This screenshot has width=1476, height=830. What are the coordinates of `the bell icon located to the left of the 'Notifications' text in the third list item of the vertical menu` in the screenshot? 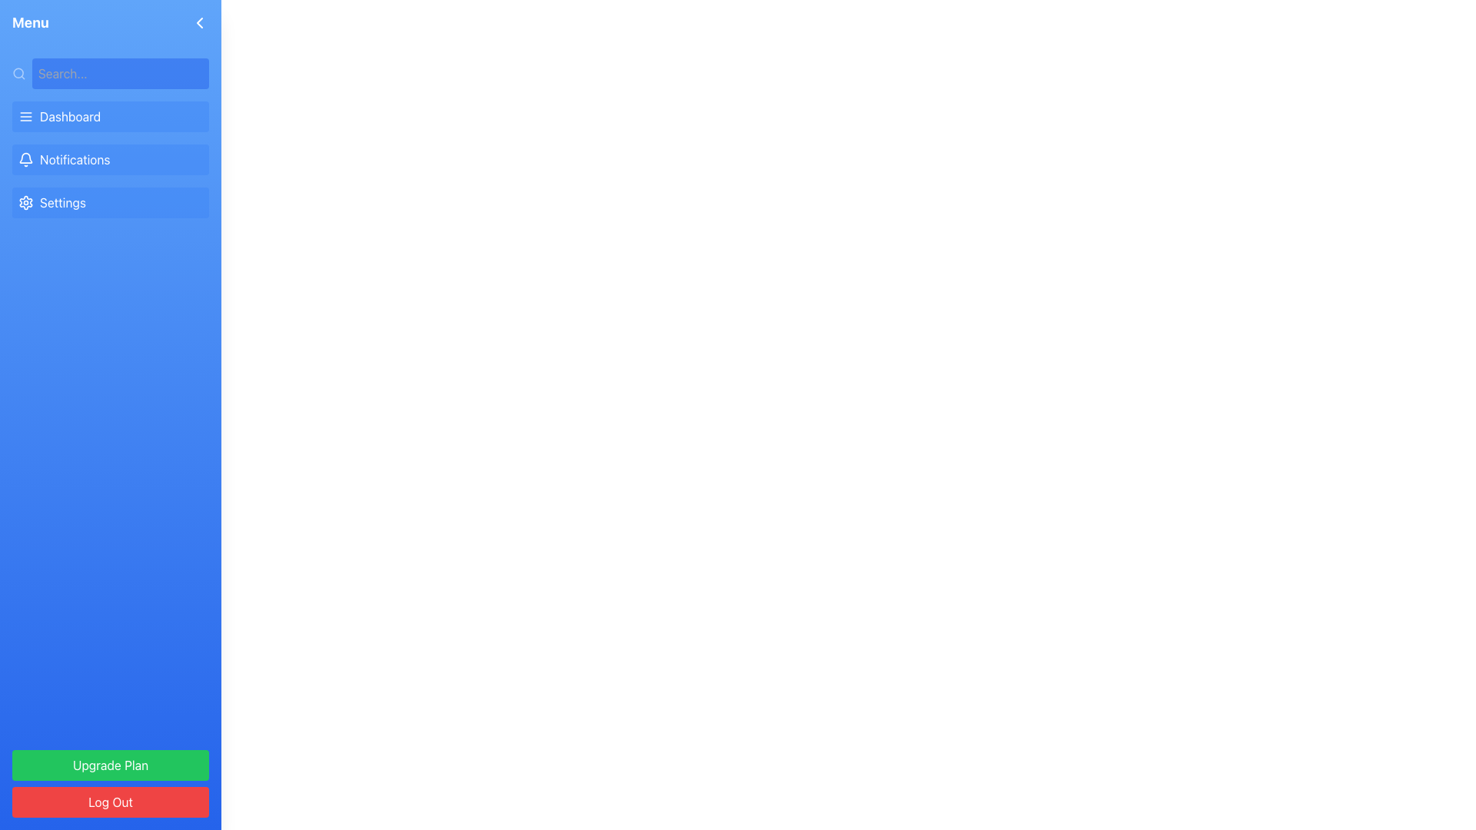 It's located at (25, 160).